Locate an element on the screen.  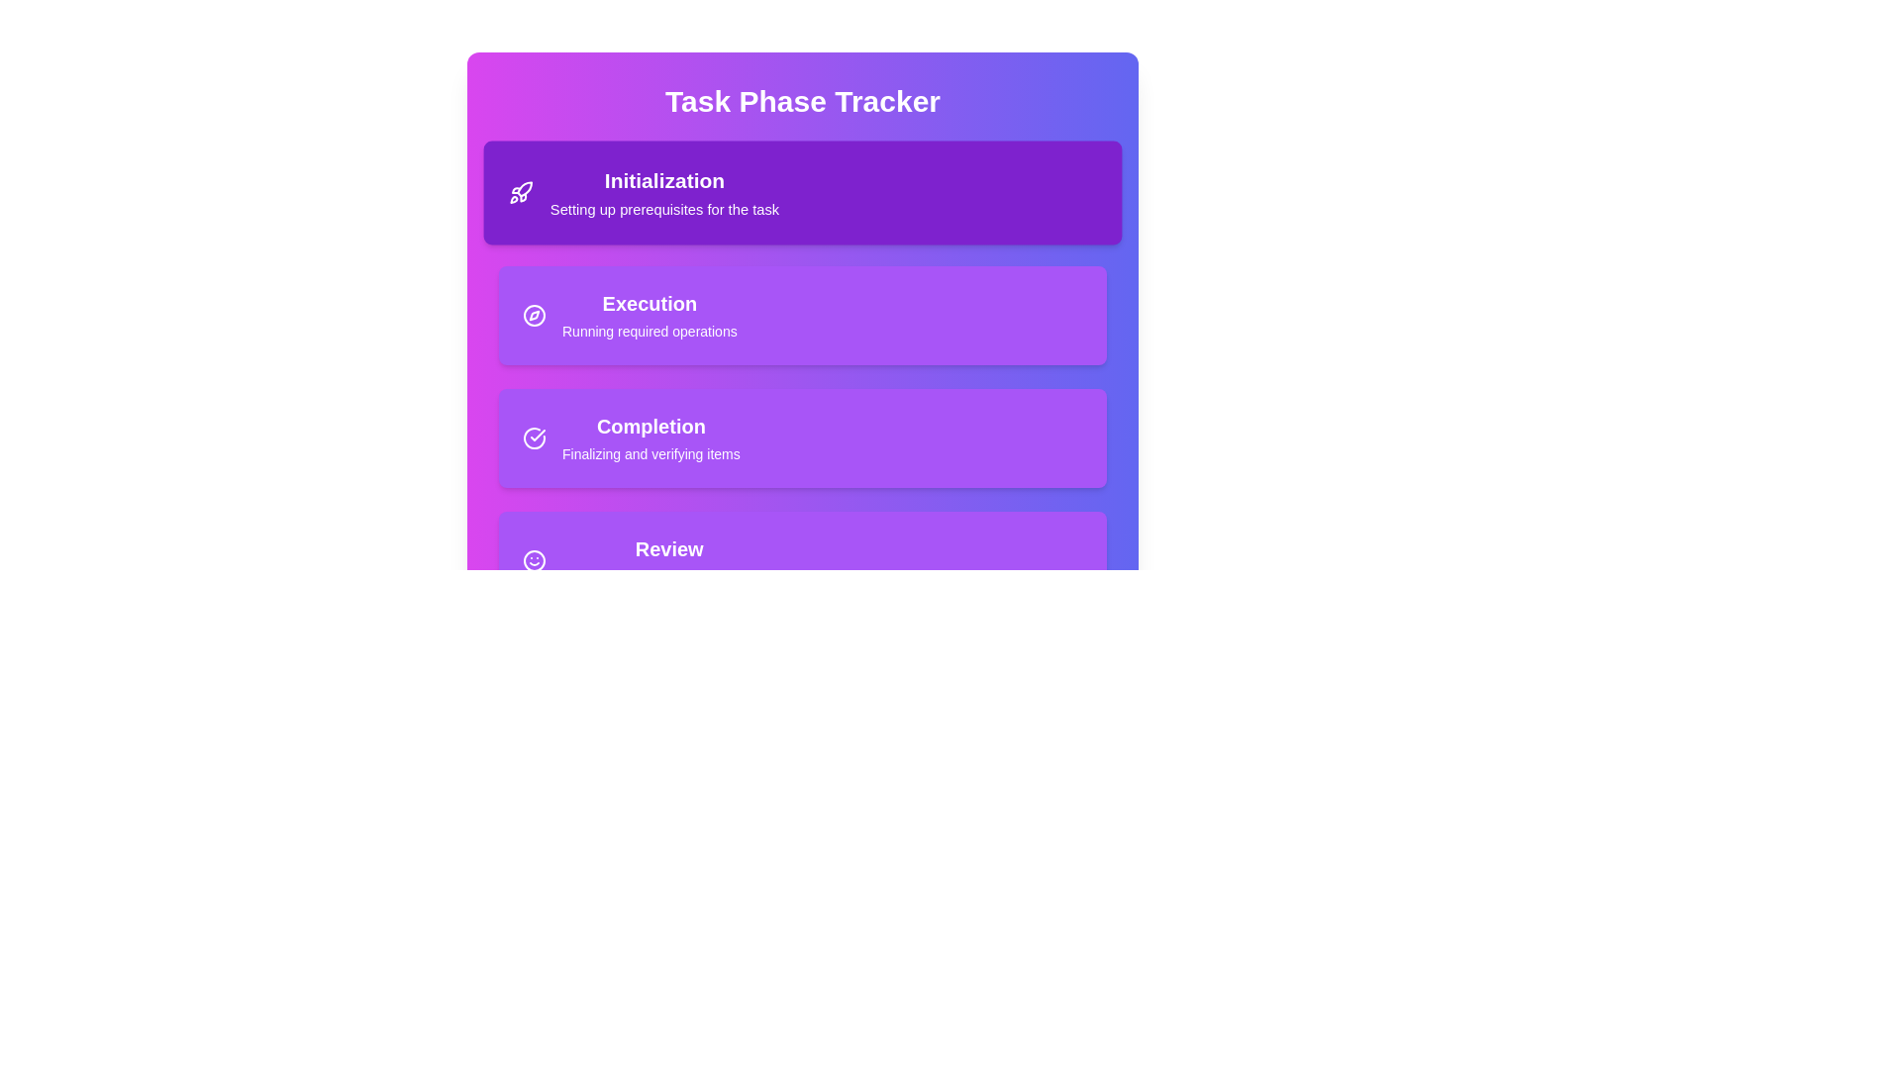
Header text that serves as the title for the interface section, providing context about the phases of a task progression tracker is located at coordinates (803, 102).